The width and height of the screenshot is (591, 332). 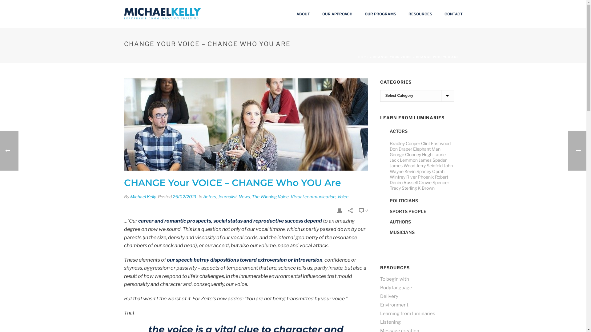 I want to click on 'RESOURCES', so click(x=402, y=14).